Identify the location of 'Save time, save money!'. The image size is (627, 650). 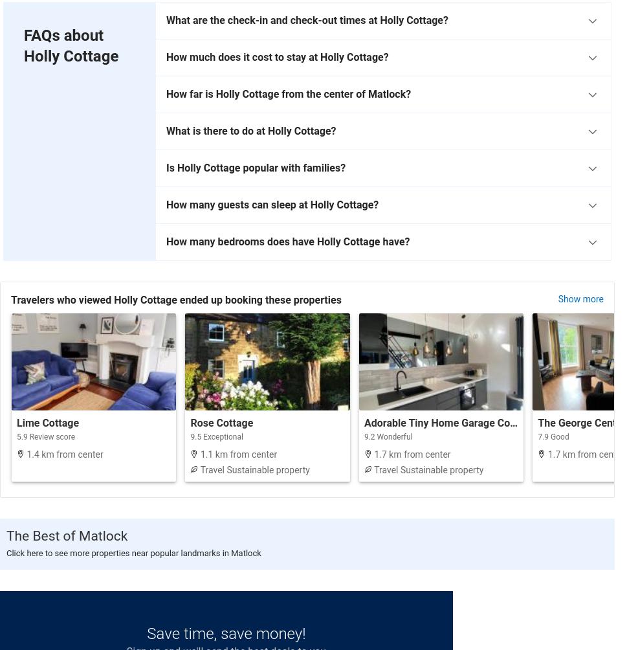
(225, 632).